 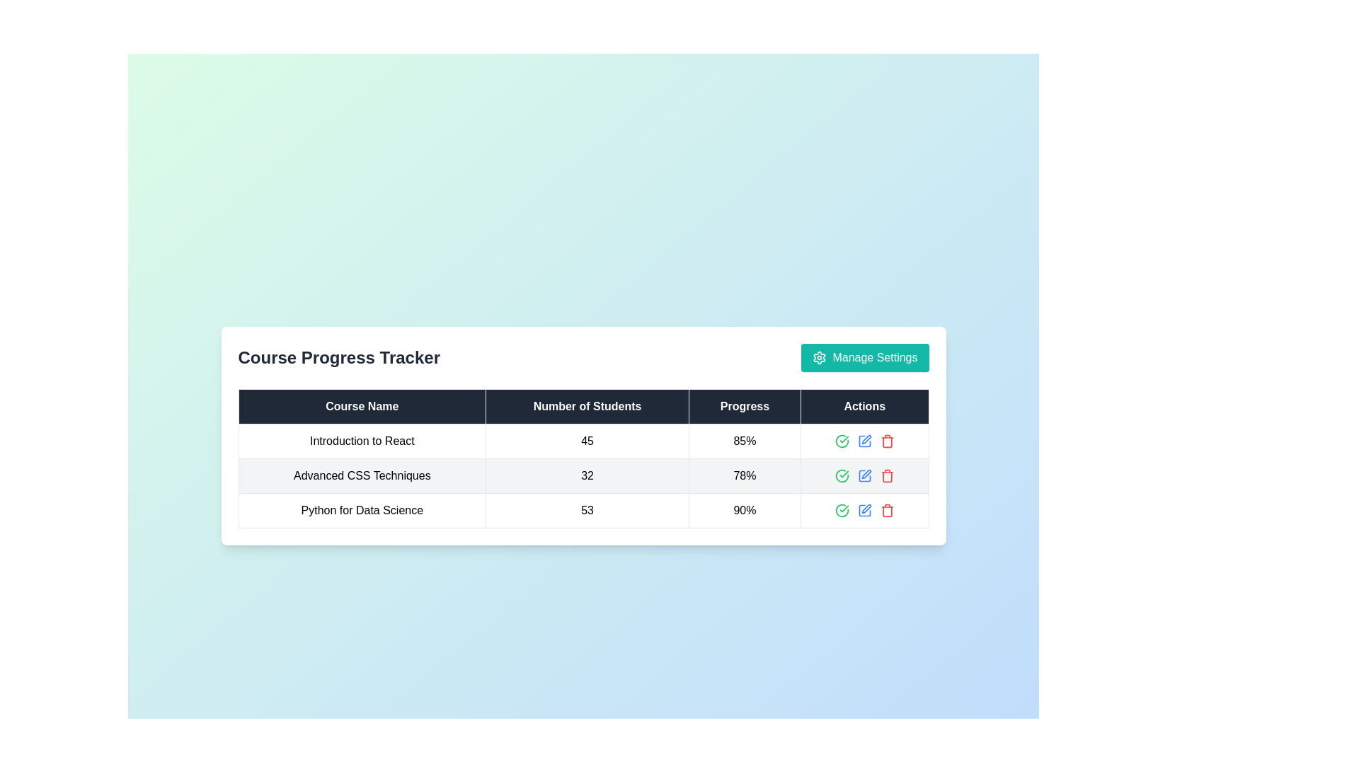 What do you see at coordinates (820, 357) in the screenshot?
I see `the gear icon associated with the 'Manage Settings' button, which features a teal background and white foreground, positioned at the top right of the button` at bounding box center [820, 357].